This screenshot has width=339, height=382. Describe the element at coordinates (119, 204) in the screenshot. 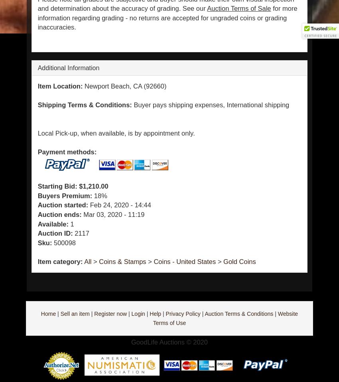

I see `'Feb 24, 2020 - 14:44'` at that location.